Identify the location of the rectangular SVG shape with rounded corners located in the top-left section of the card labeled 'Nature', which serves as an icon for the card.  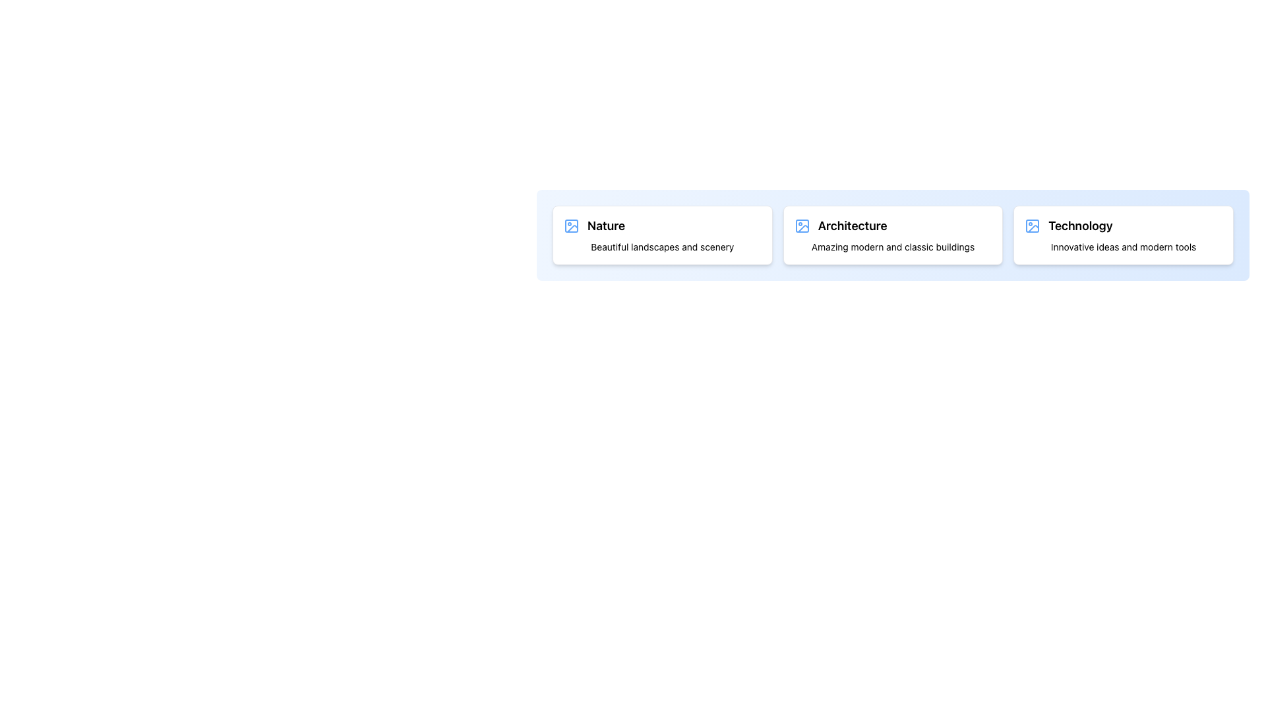
(572, 225).